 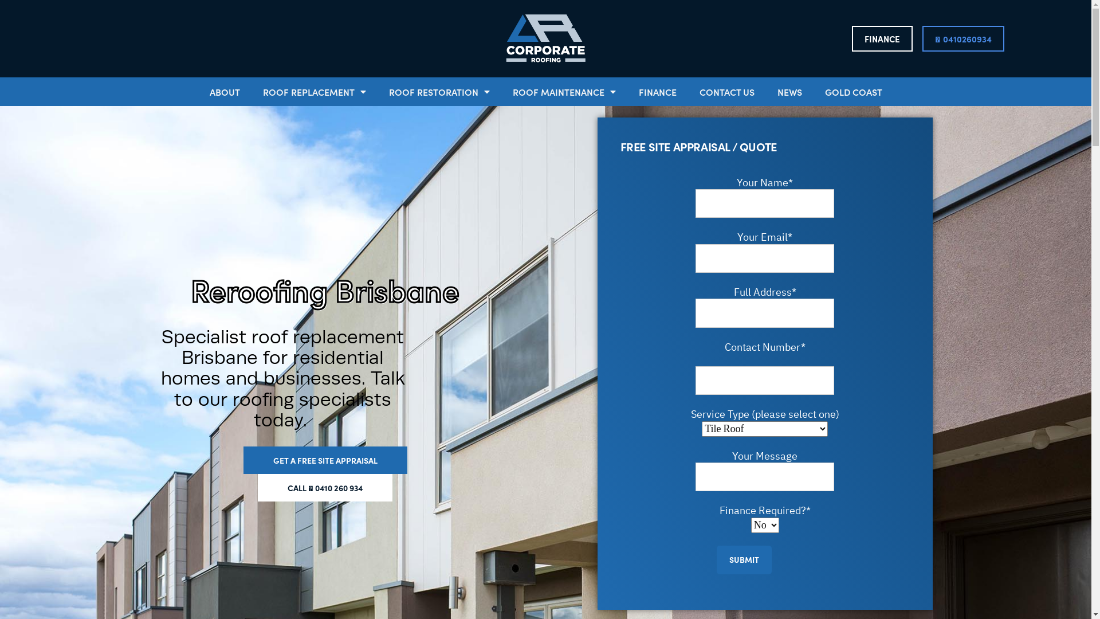 I want to click on 'CONTACT US', so click(x=725, y=91).